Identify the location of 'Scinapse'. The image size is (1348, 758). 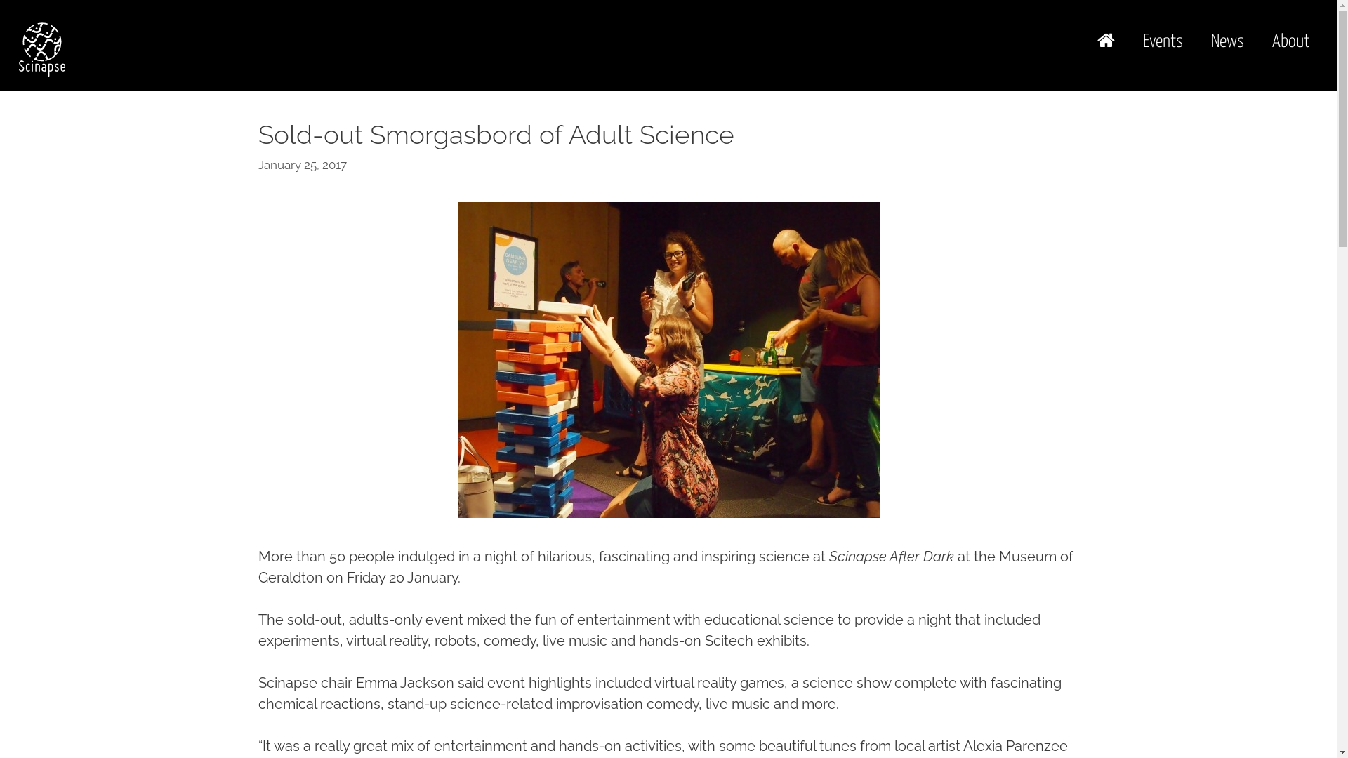
(41, 48).